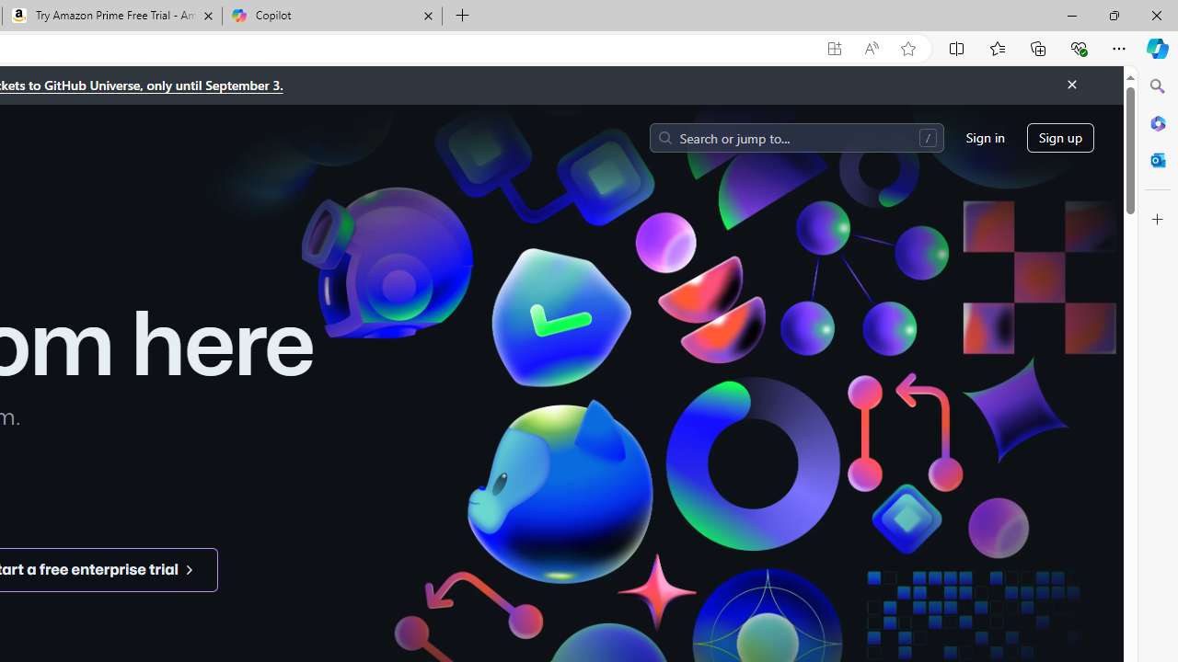  I want to click on 'Restore', so click(1113, 15).